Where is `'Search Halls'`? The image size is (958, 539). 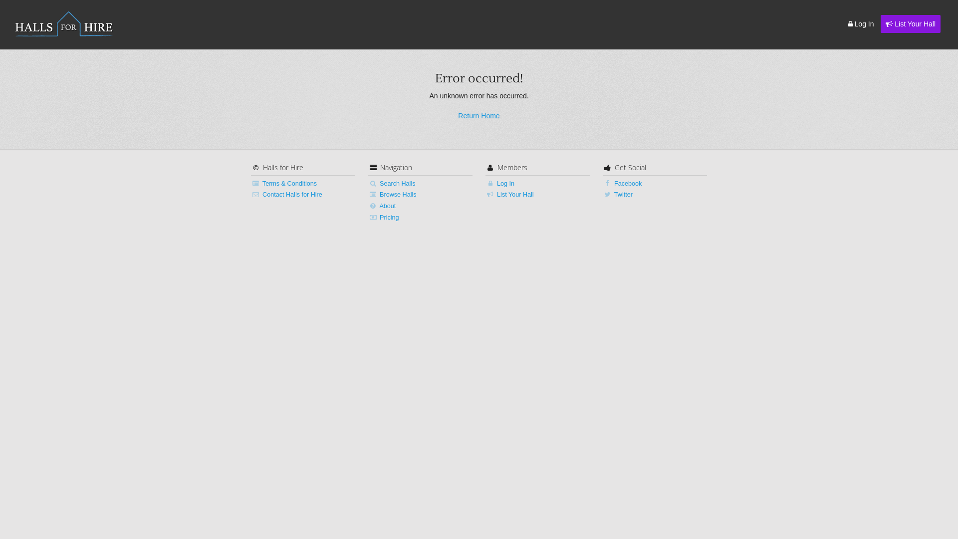 'Search Halls' is located at coordinates (421, 184).